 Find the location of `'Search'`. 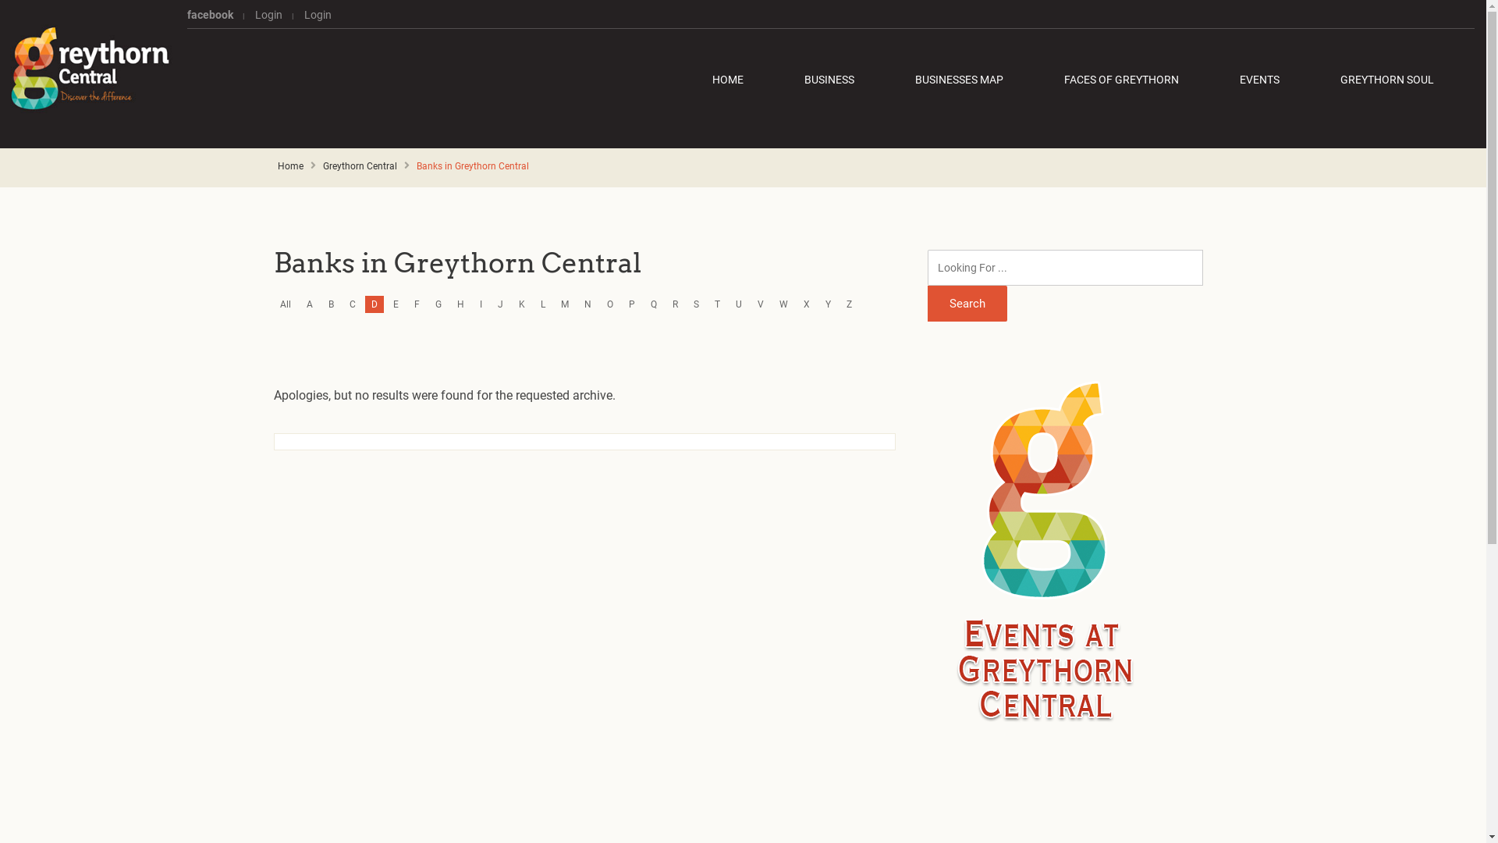

'Search' is located at coordinates (966, 304).